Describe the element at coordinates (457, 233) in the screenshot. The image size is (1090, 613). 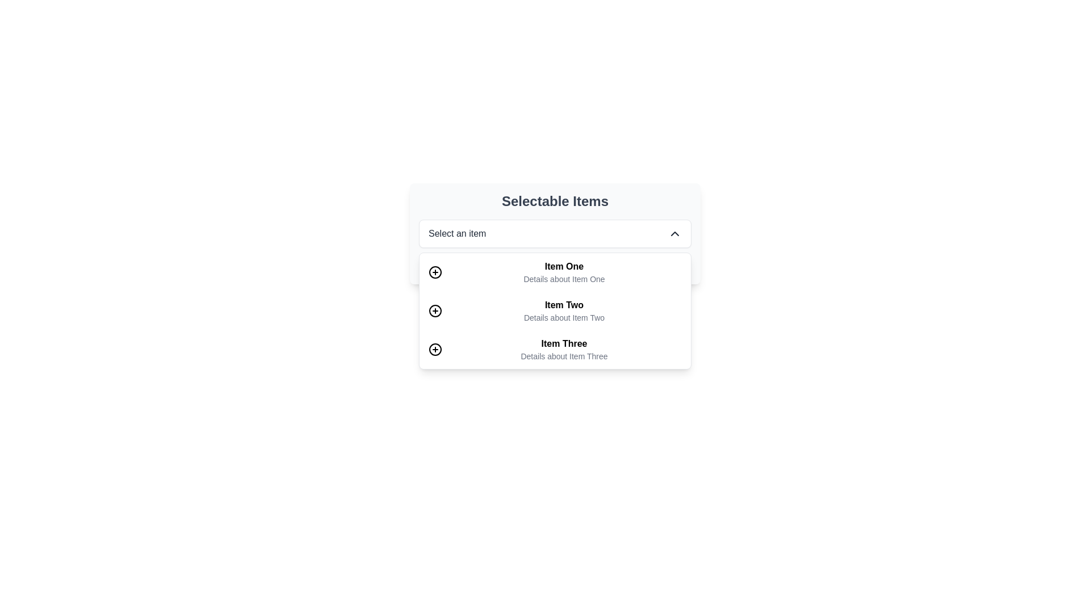
I see `the Text label located at the center-left of the dropdown component, which displays the current selection or a placeholder prompt, adjacent to the chevron icon` at that location.